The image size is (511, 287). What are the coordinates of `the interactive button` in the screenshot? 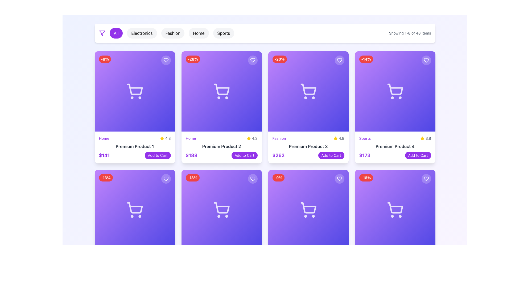 It's located at (331, 155).